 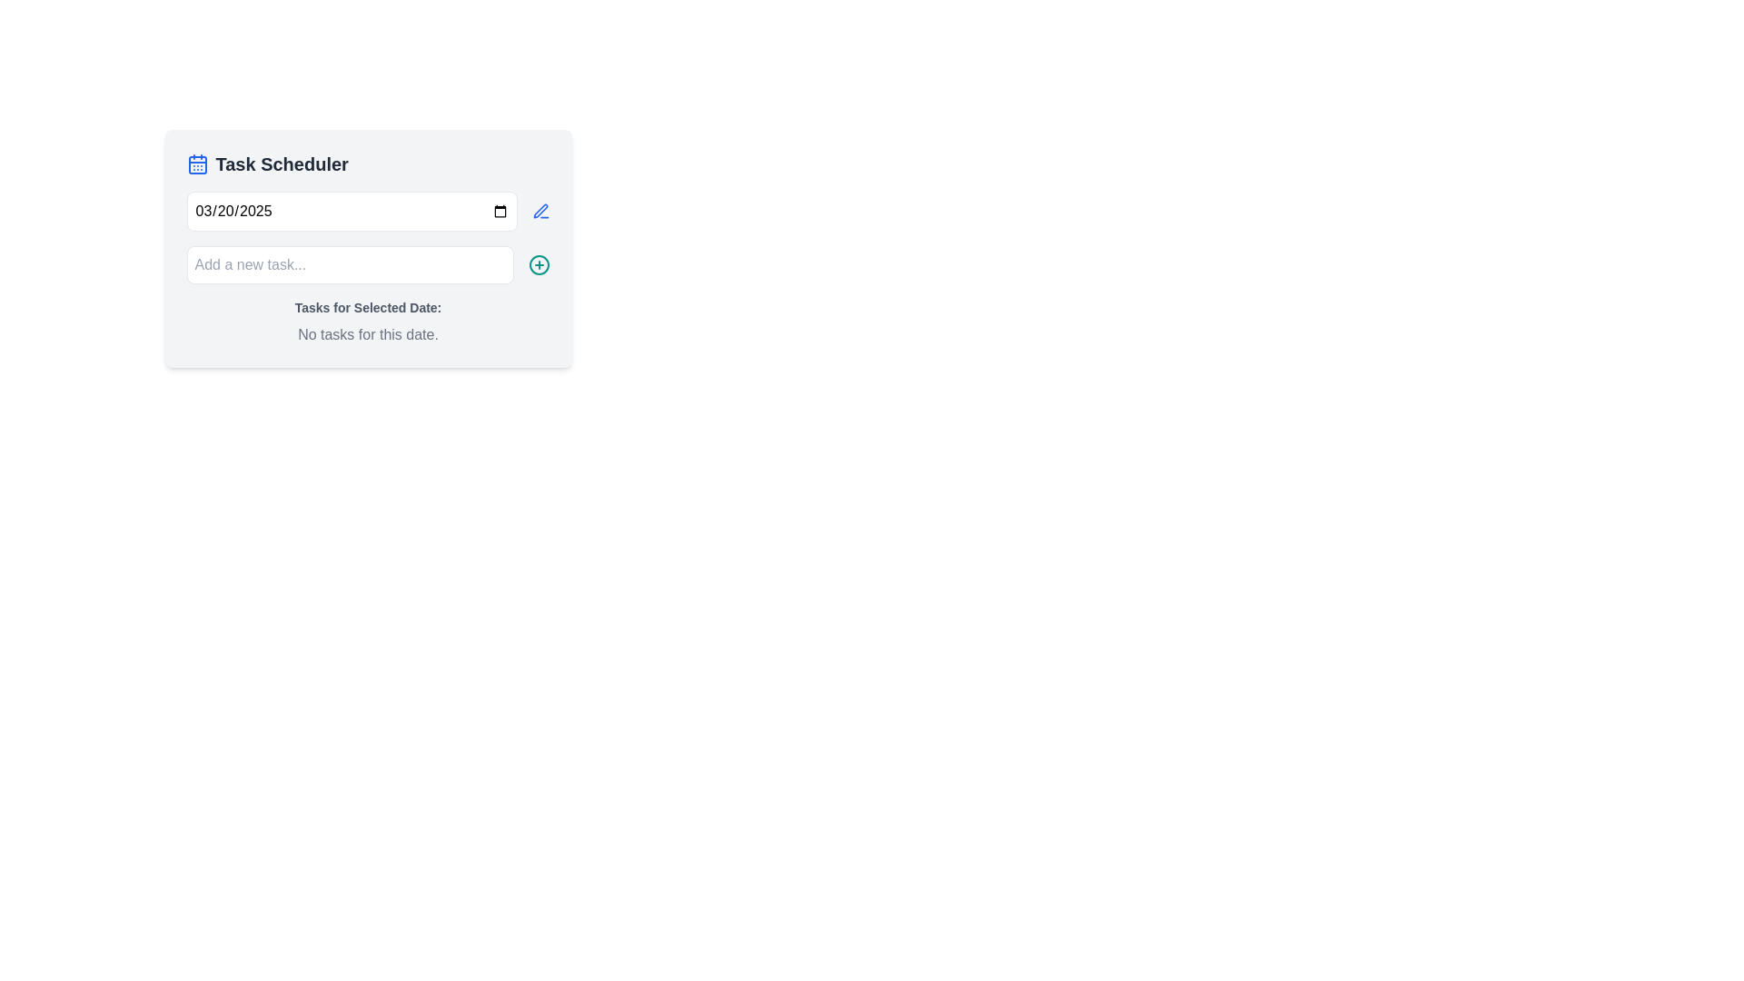 I want to click on the calendar icon, which is styled in blue and located to the left of the heading 'Task Scheduler', so click(x=197, y=164).